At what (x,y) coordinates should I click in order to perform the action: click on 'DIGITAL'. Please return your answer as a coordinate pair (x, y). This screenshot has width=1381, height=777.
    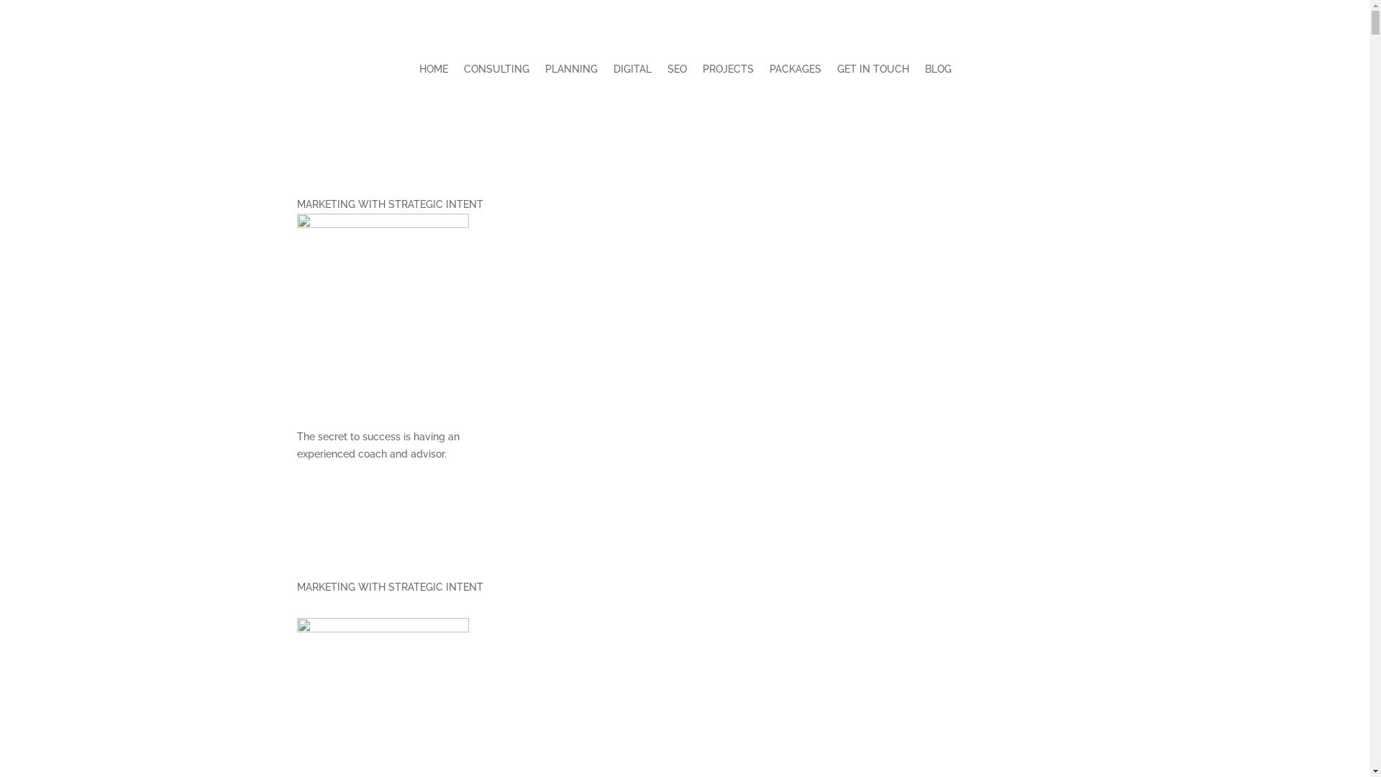
    Looking at the image, I should click on (612, 72).